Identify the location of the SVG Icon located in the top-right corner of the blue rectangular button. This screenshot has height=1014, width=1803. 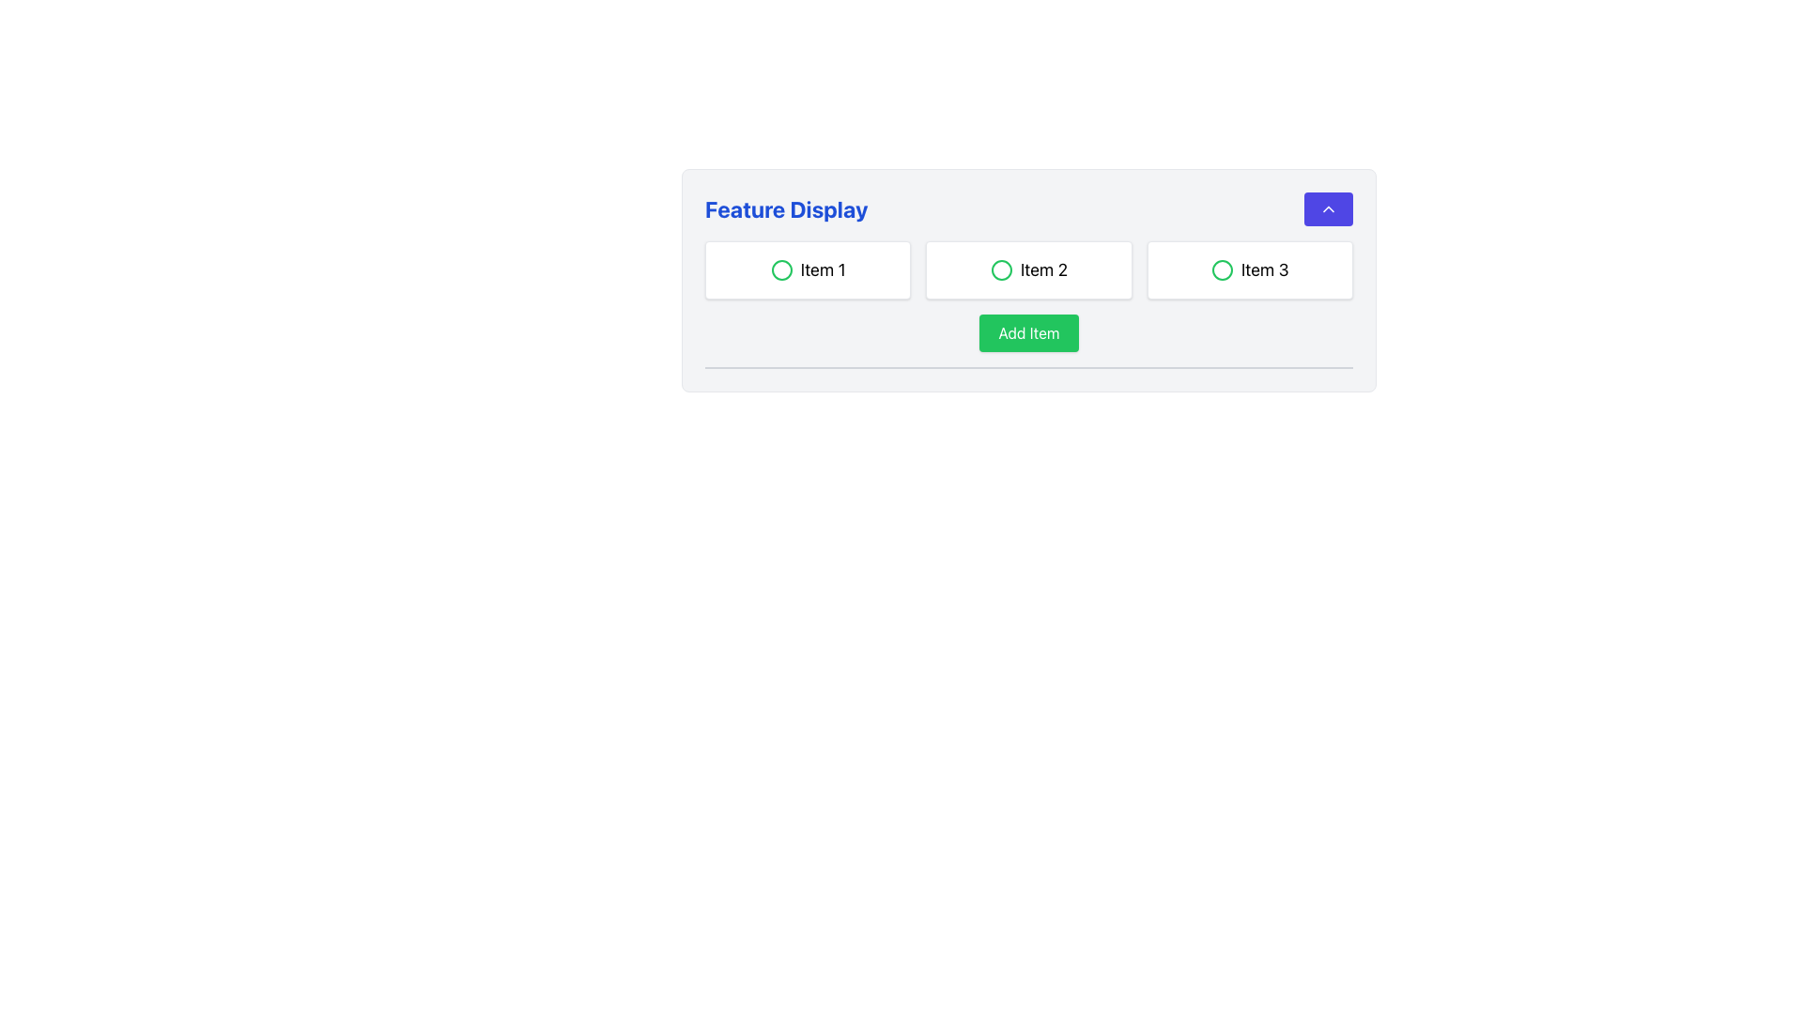
(1328, 209).